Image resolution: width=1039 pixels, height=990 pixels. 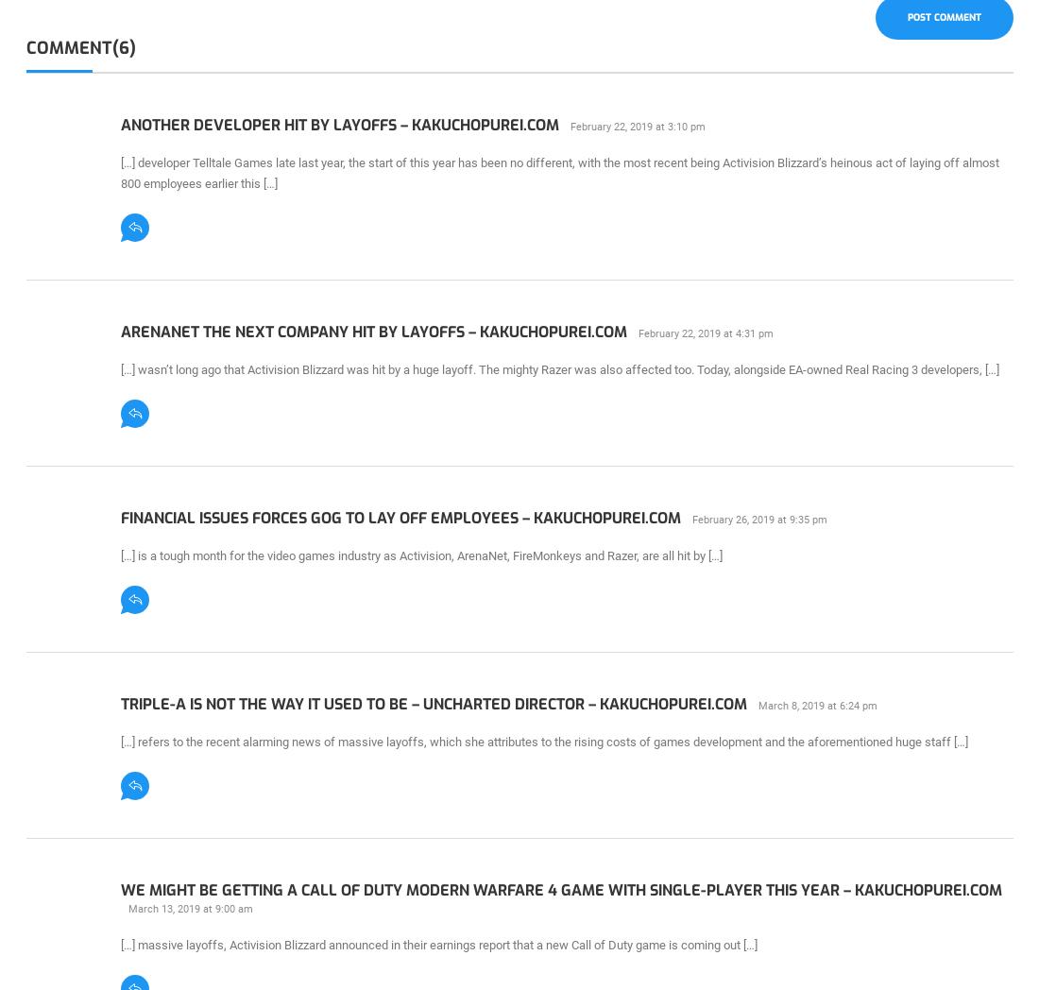 What do you see at coordinates (436, 943) in the screenshot?
I see `'[…] massive layoffs, Activision Blizzard announced in their earnings report that a new Call of Duty game is coming out […]'` at bounding box center [436, 943].